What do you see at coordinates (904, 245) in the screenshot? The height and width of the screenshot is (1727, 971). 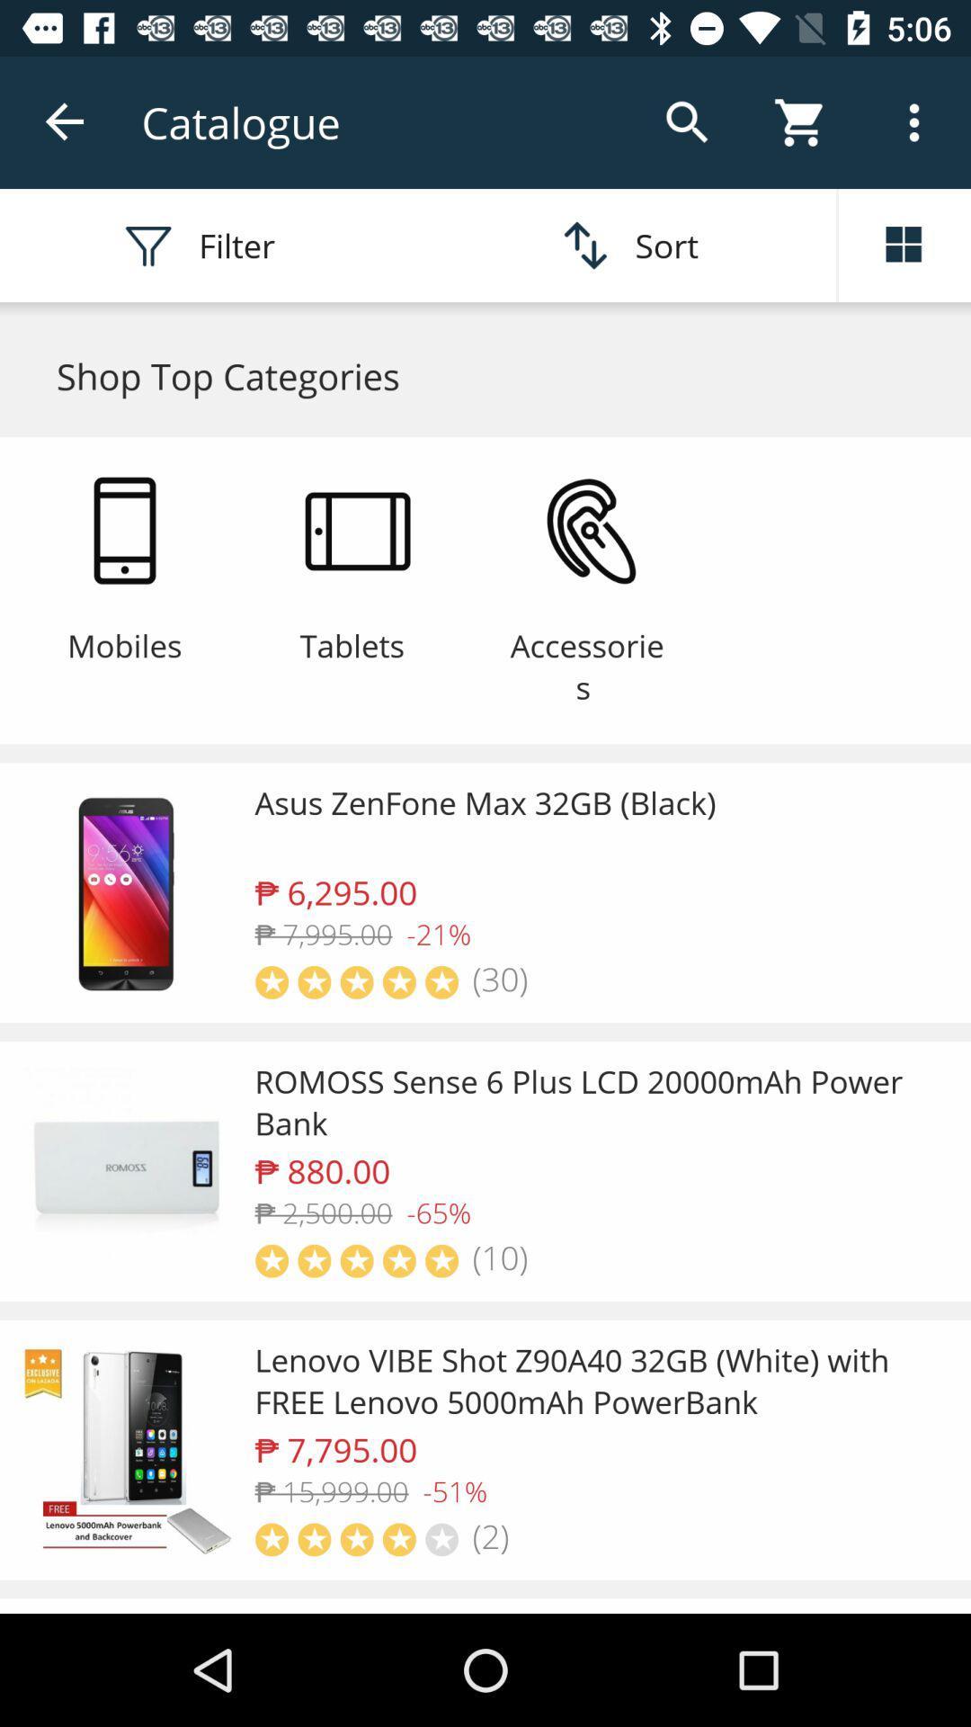 I see `the dashboard icon` at bounding box center [904, 245].